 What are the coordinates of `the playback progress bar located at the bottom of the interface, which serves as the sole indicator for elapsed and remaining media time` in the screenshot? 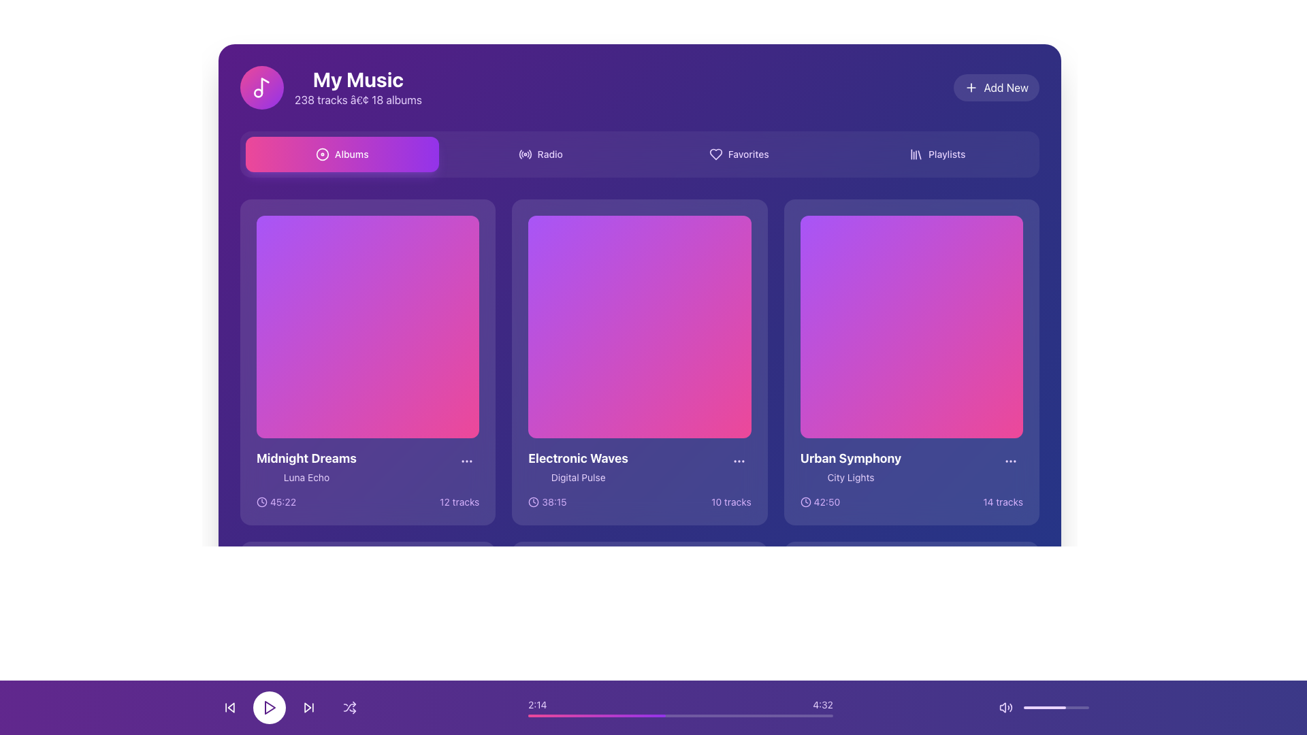 It's located at (680, 707).